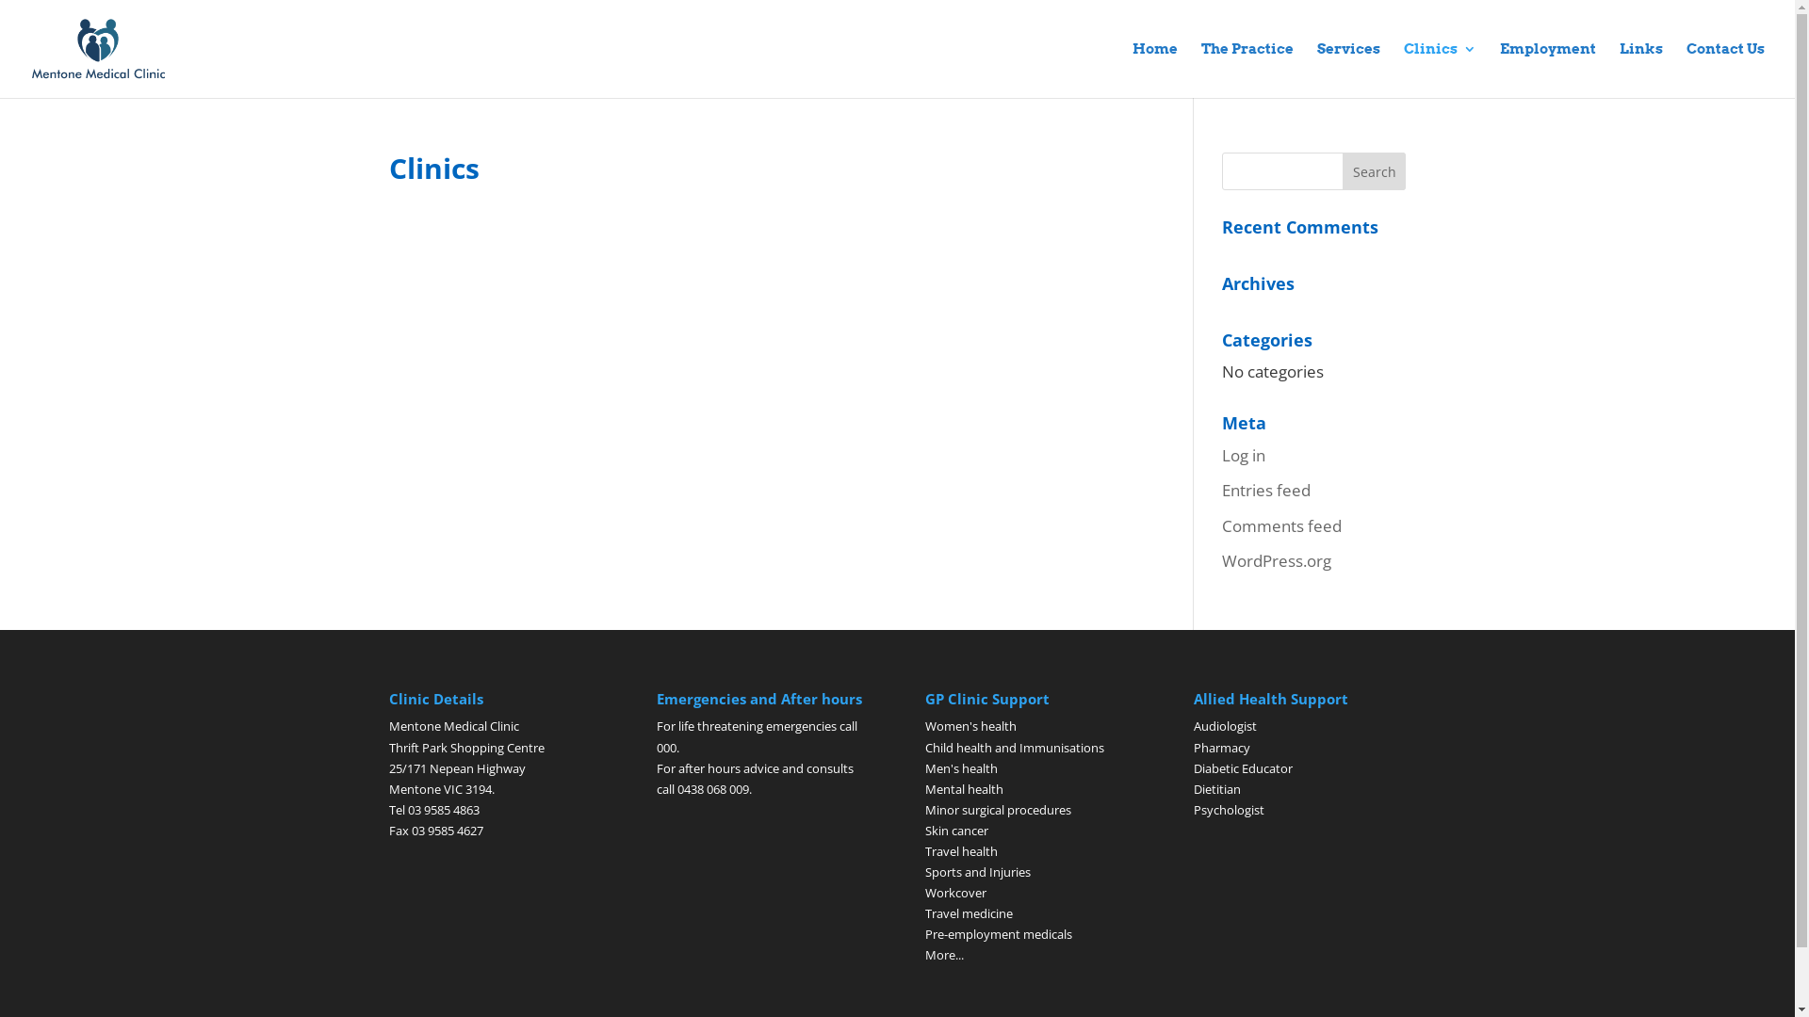  Describe the element at coordinates (1640, 69) in the screenshot. I see `'Links'` at that location.